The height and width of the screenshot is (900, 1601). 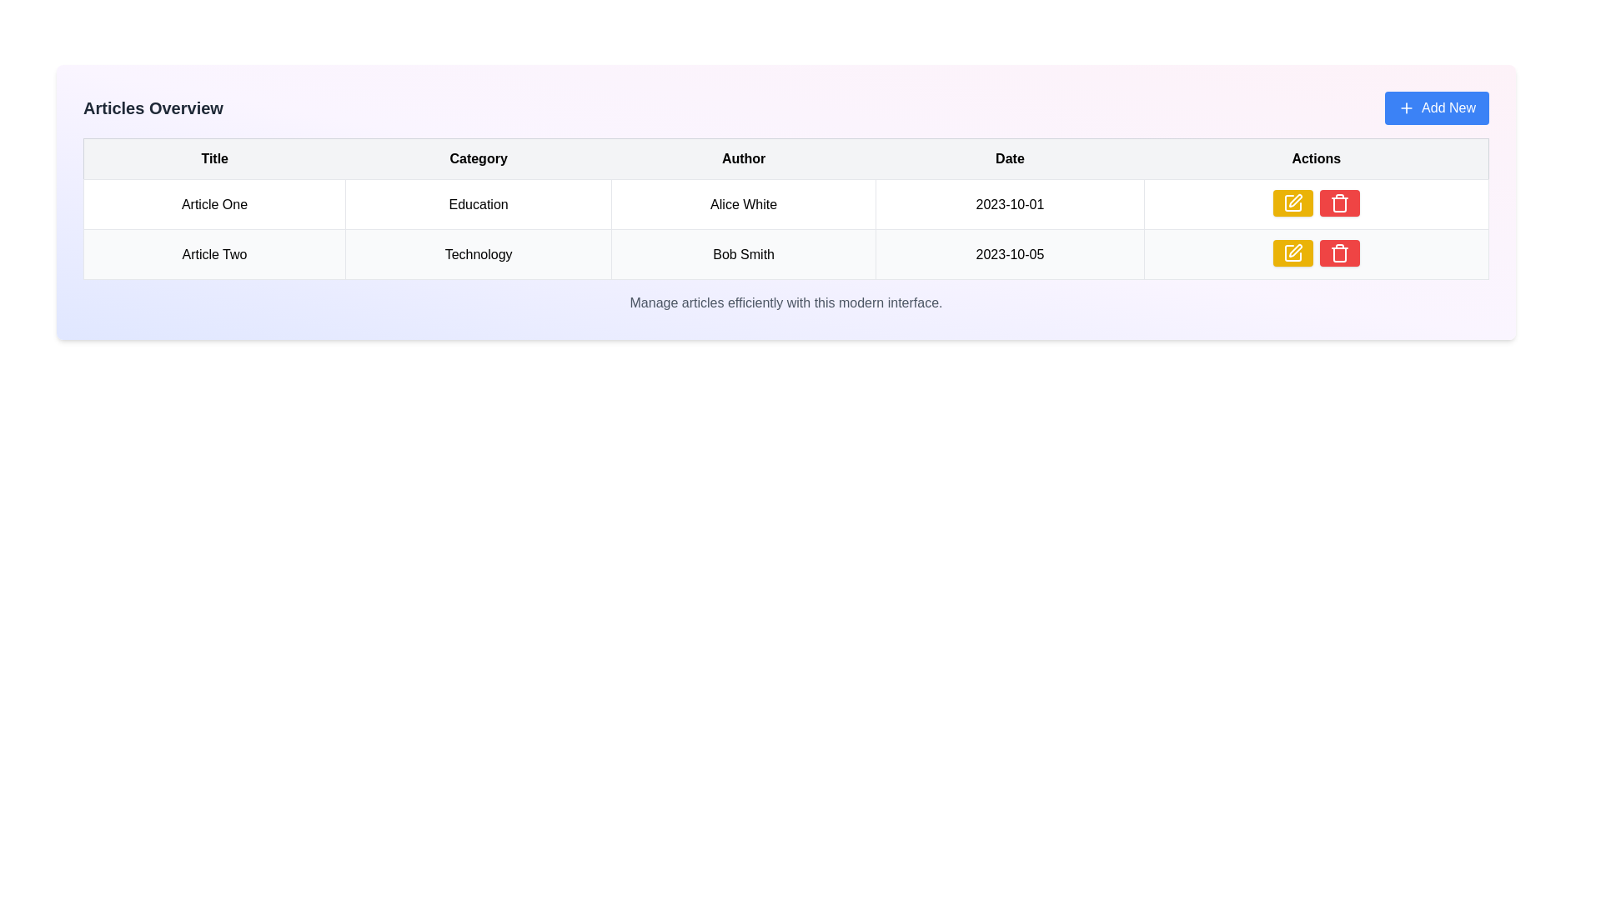 I want to click on the 'Add New' button with a blue background and white text for accessibility navigation, so click(x=1436, y=108).